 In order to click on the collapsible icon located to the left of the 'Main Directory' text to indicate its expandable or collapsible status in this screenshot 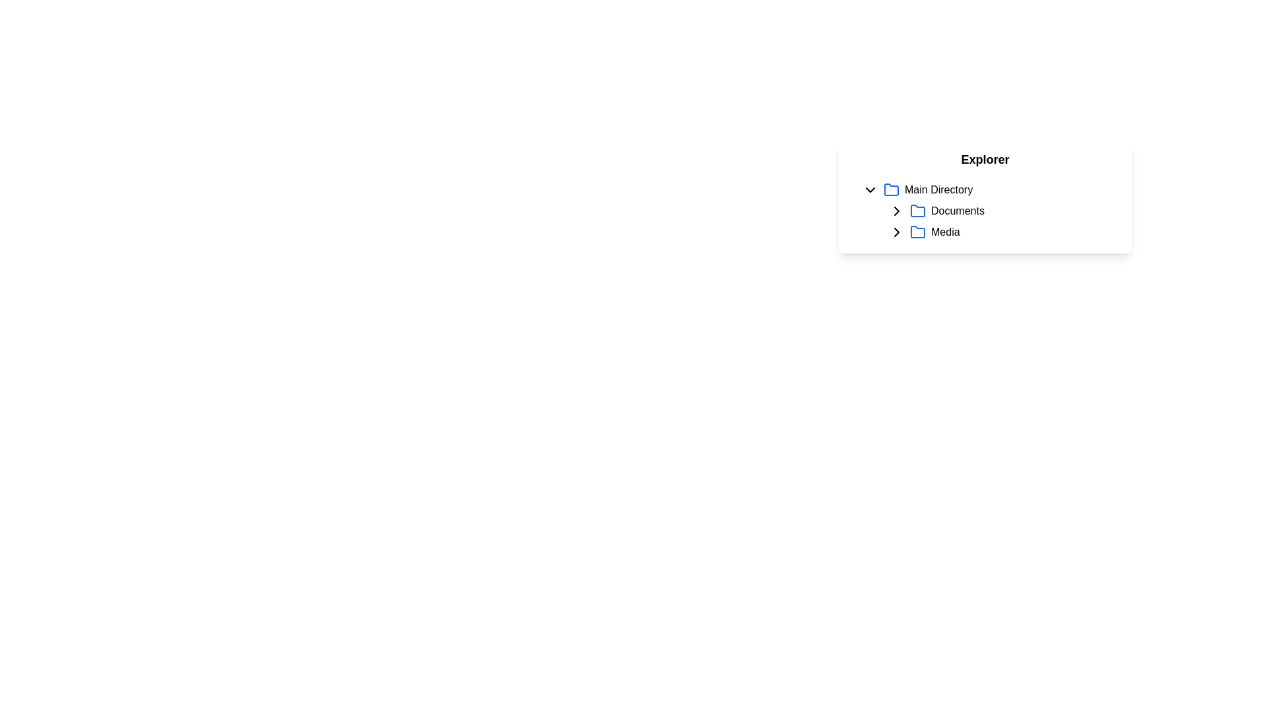, I will do `click(870, 190)`.